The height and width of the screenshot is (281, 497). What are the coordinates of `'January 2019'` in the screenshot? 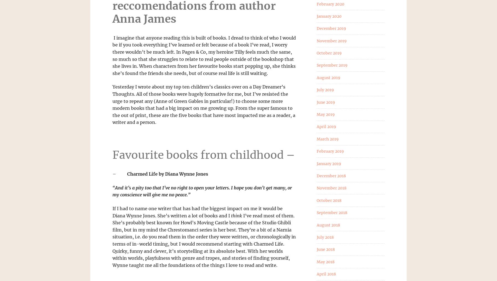 It's located at (316, 163).